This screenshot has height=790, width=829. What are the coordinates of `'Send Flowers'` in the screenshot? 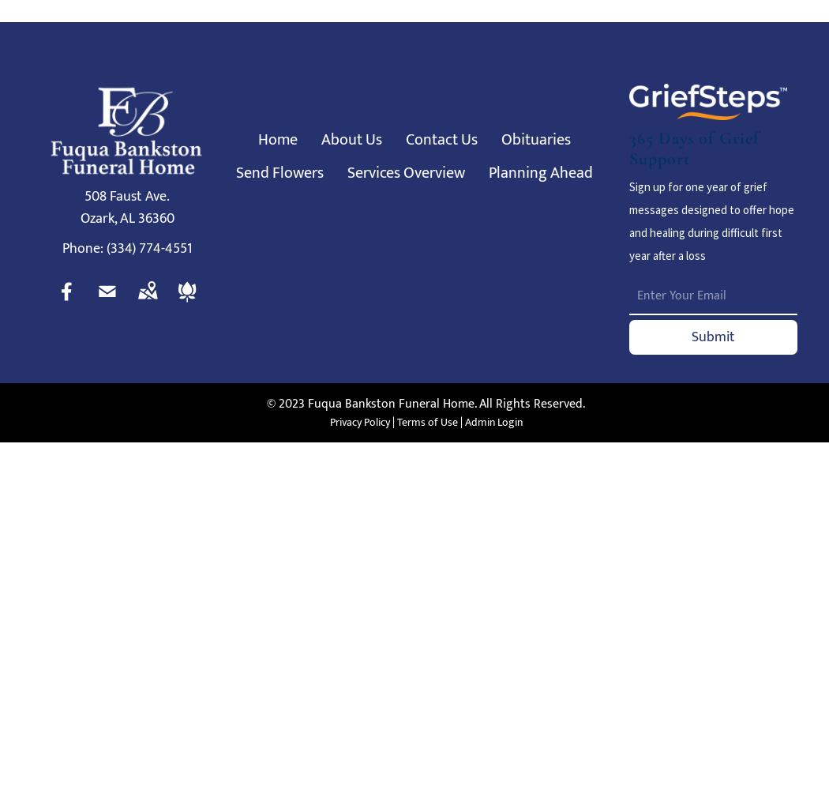 It's located at (279, 172).